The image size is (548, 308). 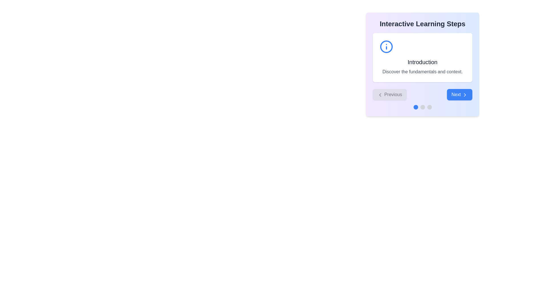 What do you see at coordinates (422, 71) in the screenshot?
I see `the informational Text label located beneath the header text 'Introduction' in the card interface` at bounding box center [422, 71].